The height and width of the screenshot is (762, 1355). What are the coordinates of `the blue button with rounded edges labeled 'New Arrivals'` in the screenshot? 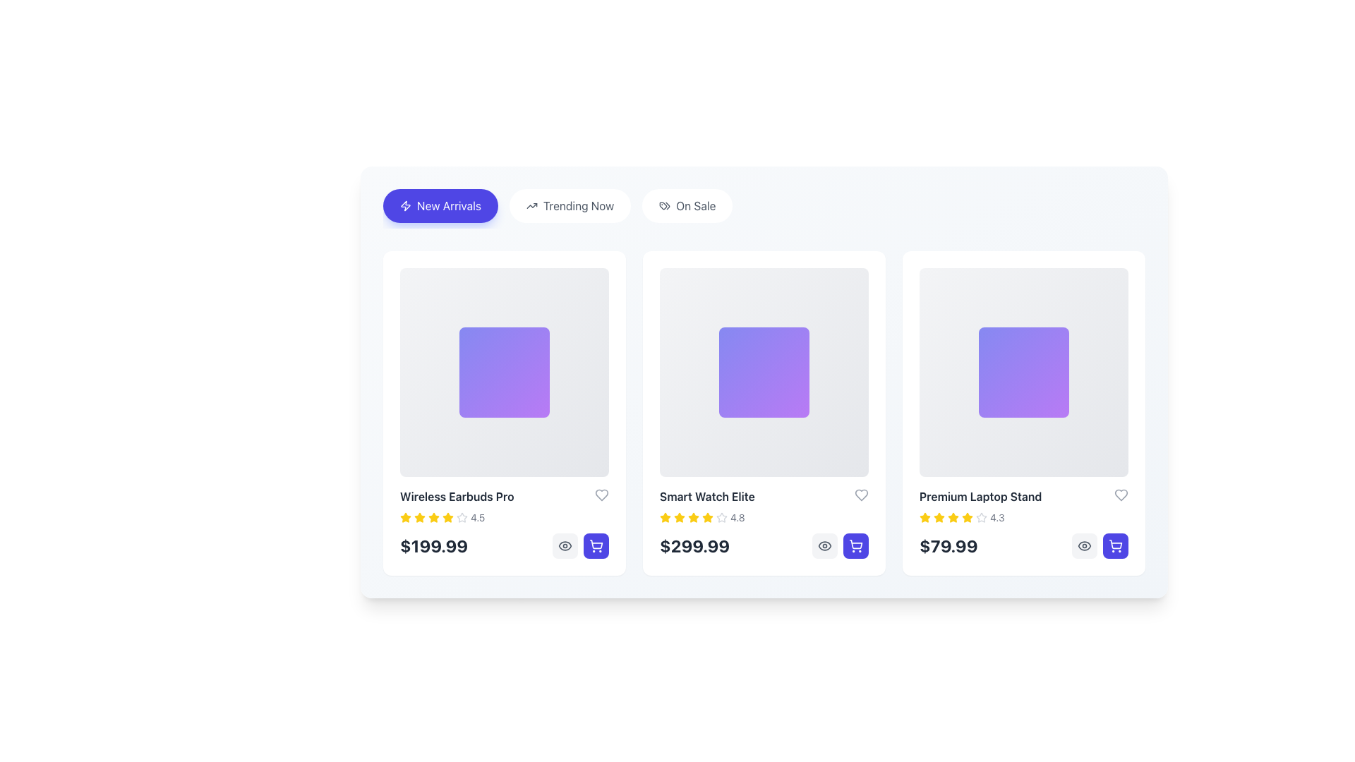 It's located at (440, 206).